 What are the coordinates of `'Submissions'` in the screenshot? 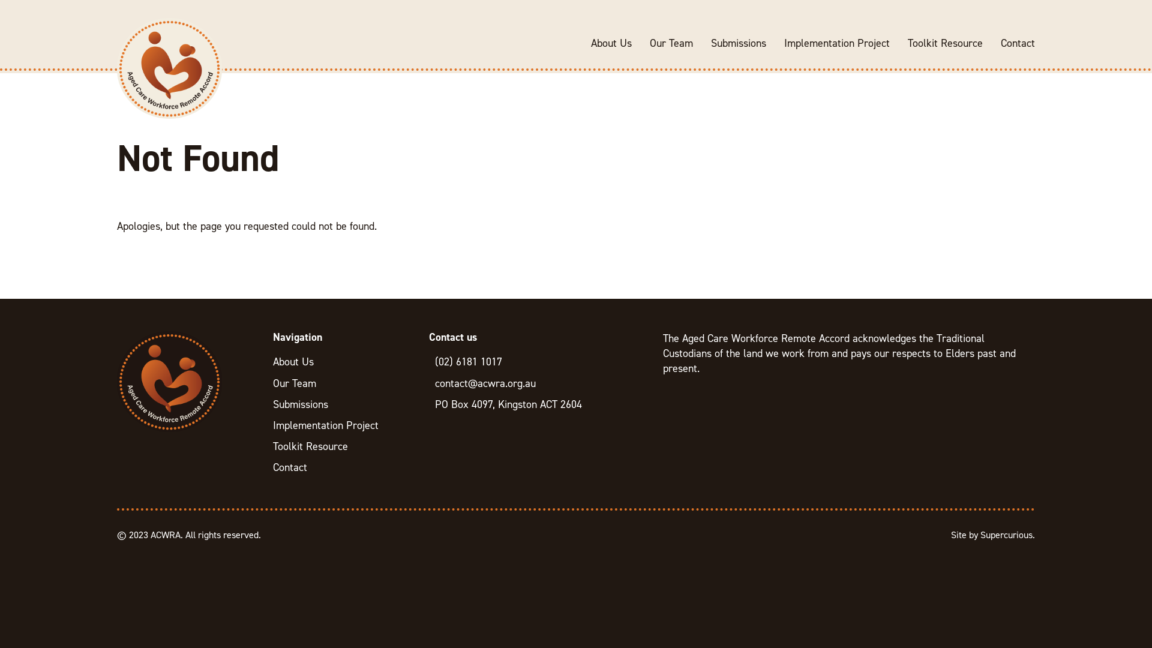 It's located at (737, 43).